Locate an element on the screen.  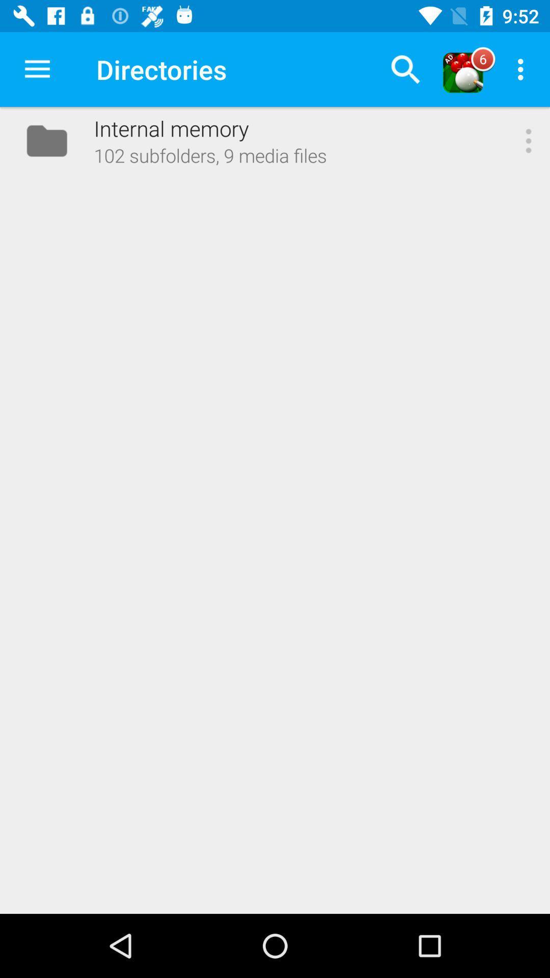
item next to internal memory is located at coordinates (37, 69).